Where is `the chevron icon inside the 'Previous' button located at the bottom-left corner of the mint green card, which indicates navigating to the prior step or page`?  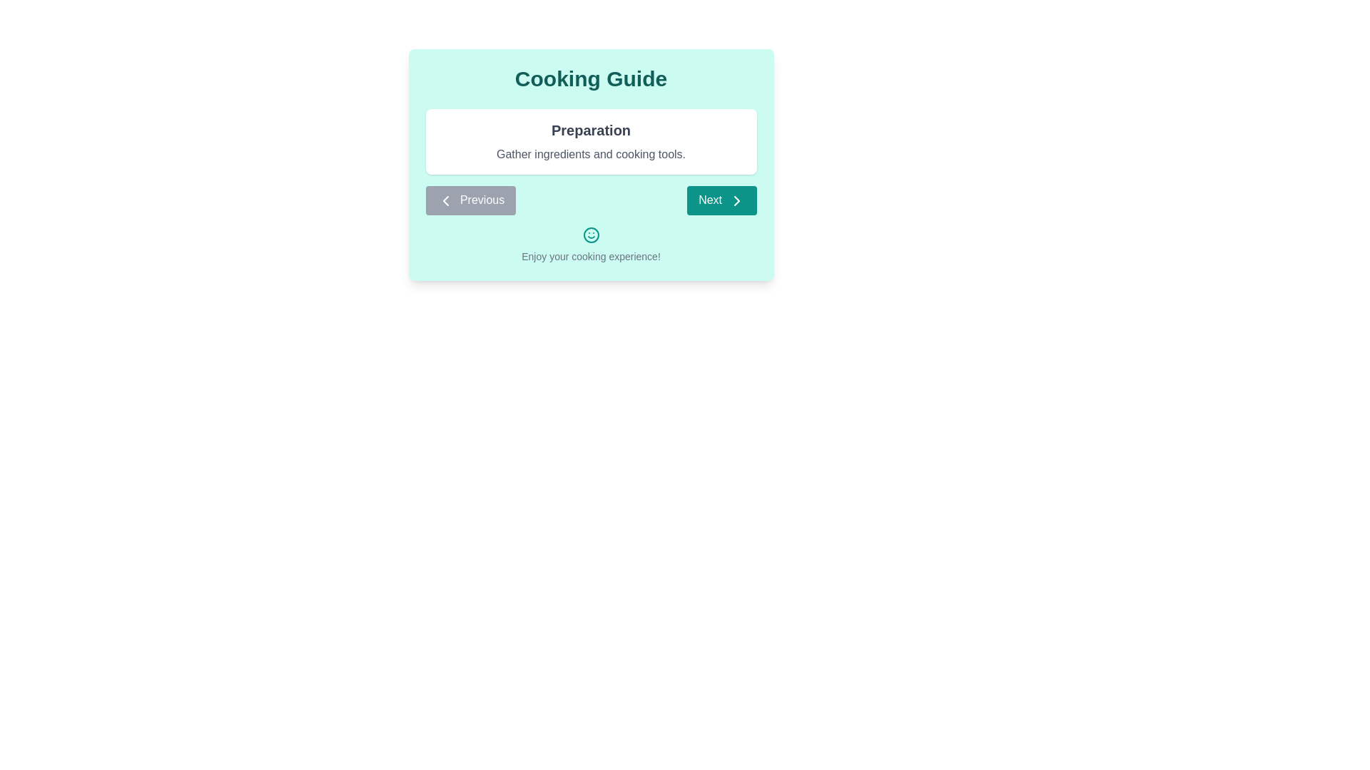 the chevron icon inside the 'Previous' button located at the bottom-left corner of the mint green card, which indicates navigating to the prior step or page is located at coordinates (445, 200).